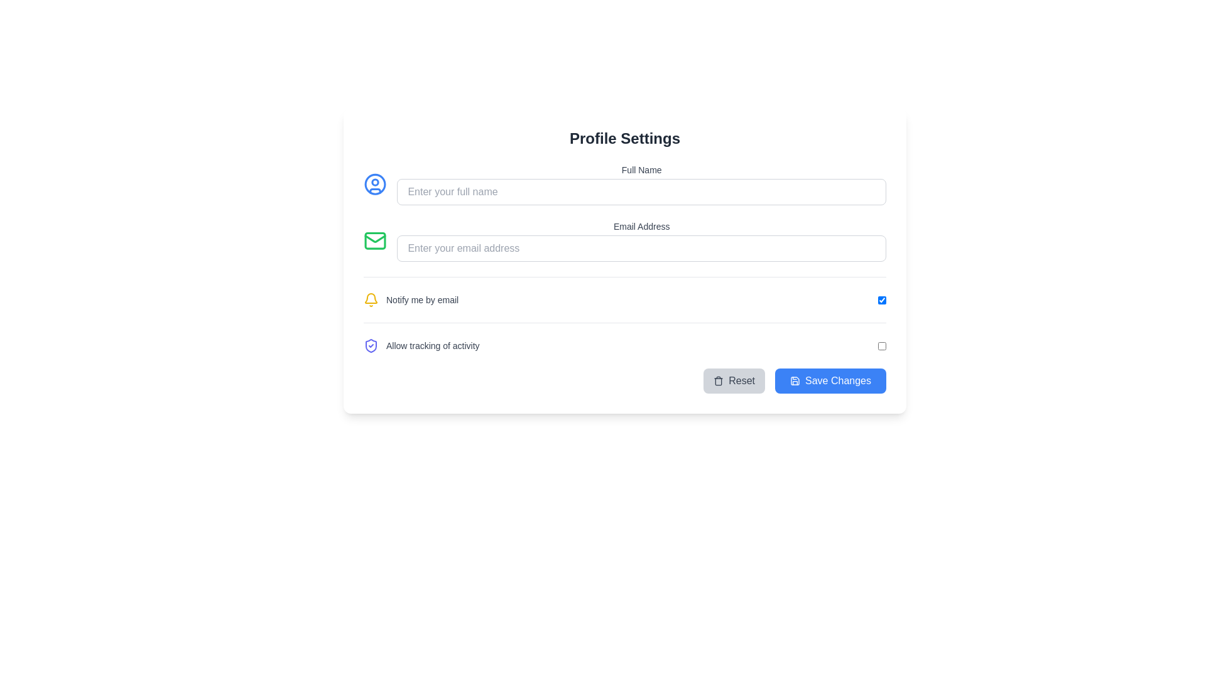 Image resolution: width=1206 pixels, height=678 pixels. I want to click on the blue circular user icon with a simplistic silhouette design located to the left of the 'Enter your full name' input field, so click(374, 184).